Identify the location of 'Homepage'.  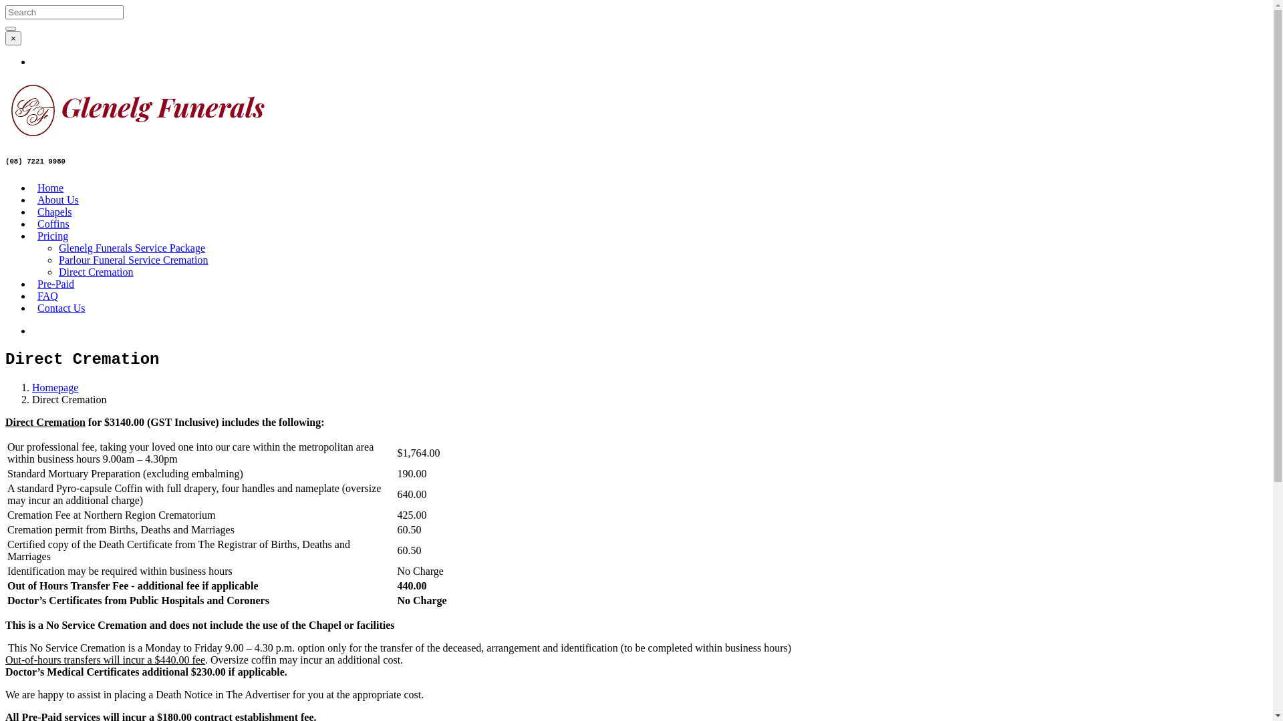
(54, 387).